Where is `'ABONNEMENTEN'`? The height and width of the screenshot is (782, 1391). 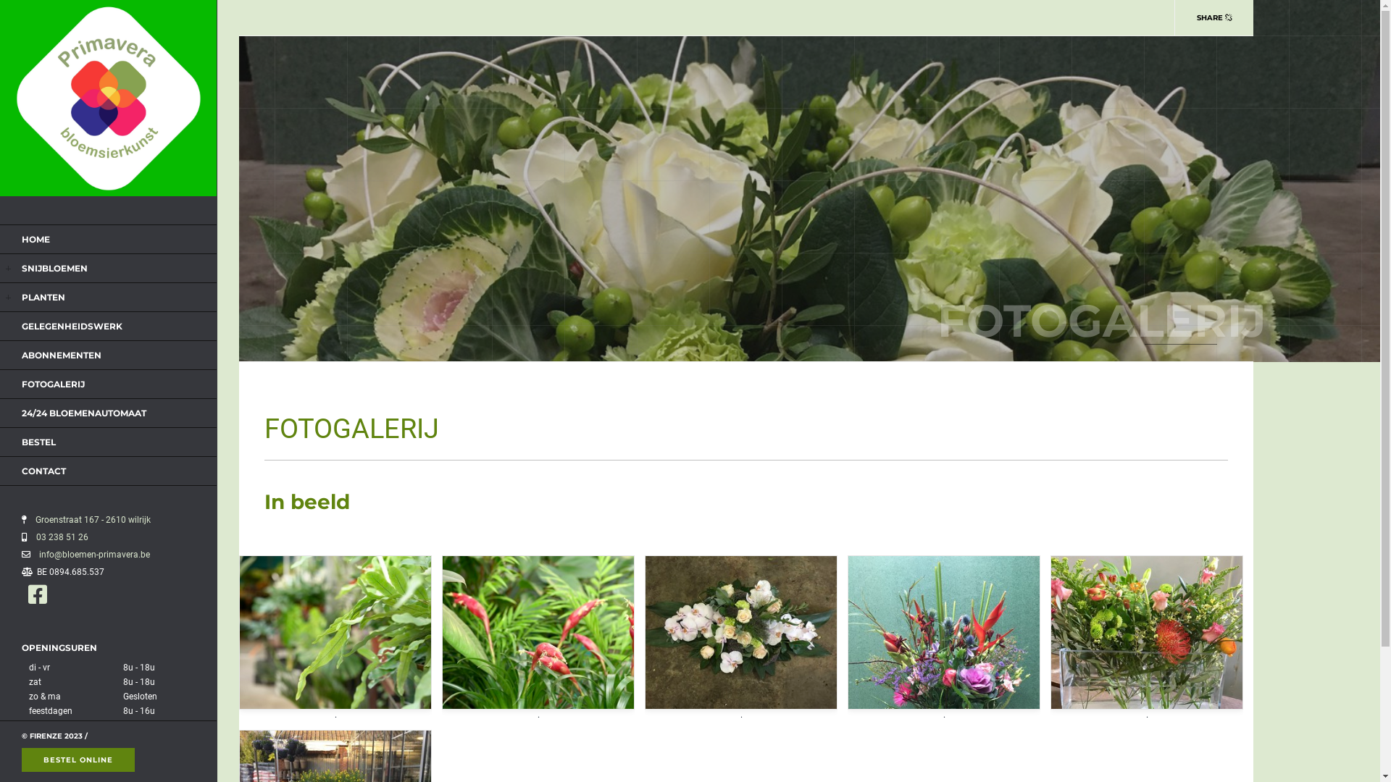 'ABONNEMENTEN' is located at coordinates (21, 355).